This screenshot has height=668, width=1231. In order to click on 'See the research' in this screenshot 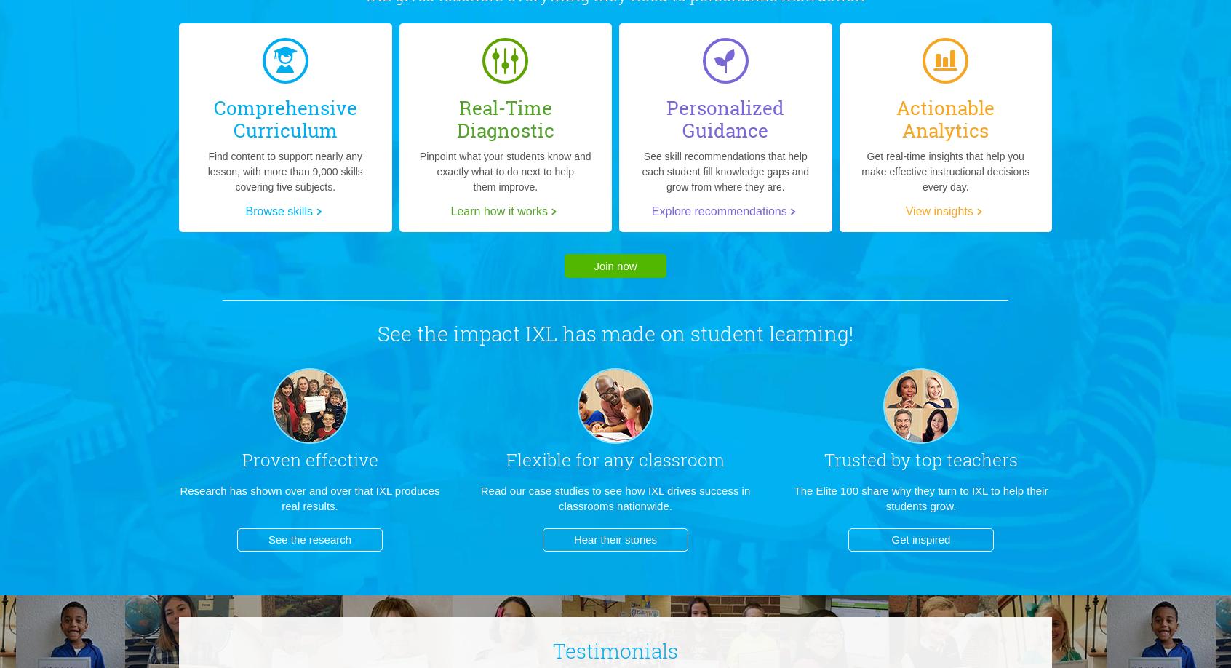, I will do `click(308, 538)`.